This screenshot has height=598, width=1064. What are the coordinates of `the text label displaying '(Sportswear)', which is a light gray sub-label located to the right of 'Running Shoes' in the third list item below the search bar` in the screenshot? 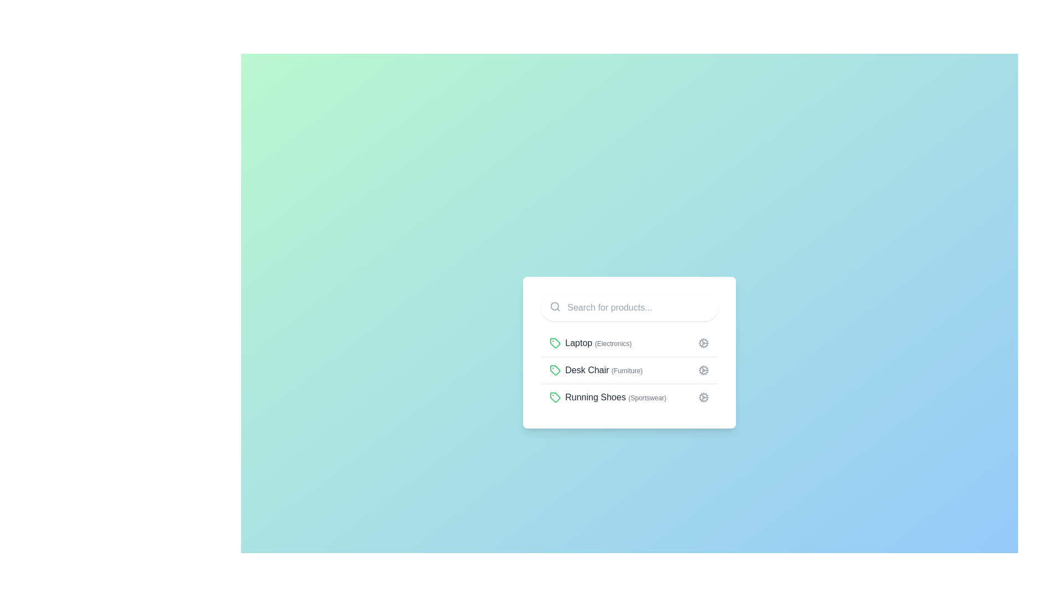 It's located at (647, 397).